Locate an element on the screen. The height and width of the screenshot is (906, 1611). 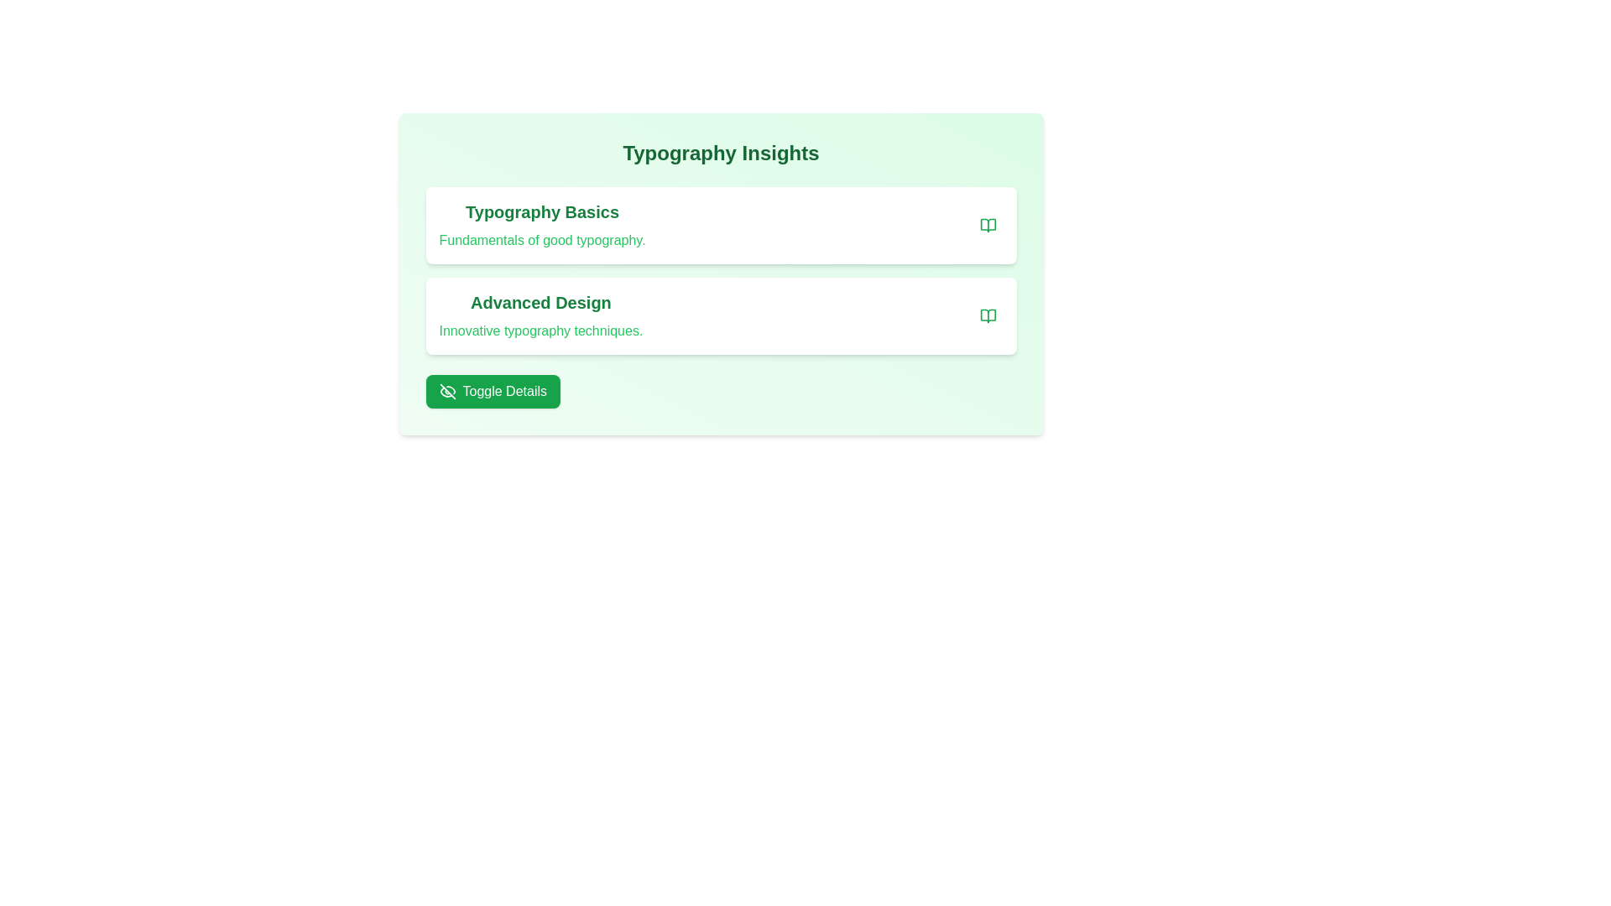
the typography section titles or buttons for interactions, which is located below the 'Typography Insights' heading and above a green toggle button is located at coordinates (721, 273).